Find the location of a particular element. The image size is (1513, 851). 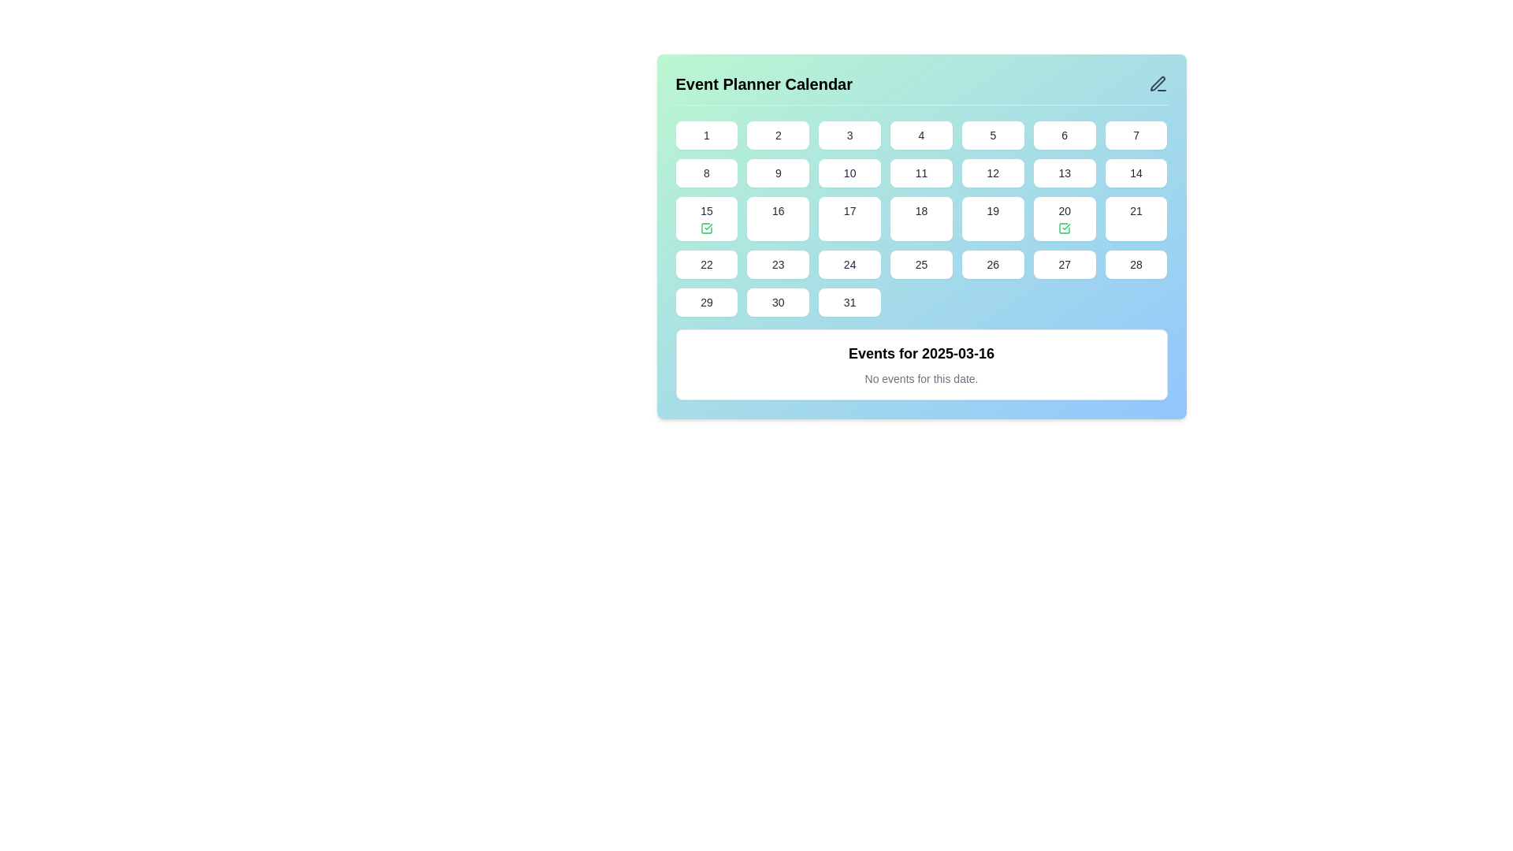

the status indicator icon within the button displaying the number '20' in the calendar grid is located at coordinates (1065, 228).